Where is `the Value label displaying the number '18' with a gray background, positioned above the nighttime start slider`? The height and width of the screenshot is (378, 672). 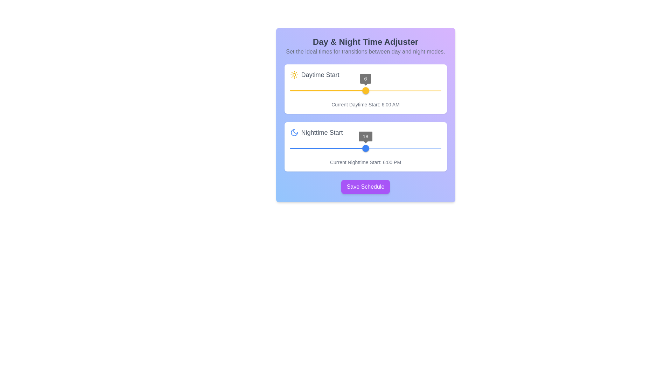 the Value label displaying the number '18' with a gray background, positioned above the nighttime start slider is located at coordinates (365, 136).